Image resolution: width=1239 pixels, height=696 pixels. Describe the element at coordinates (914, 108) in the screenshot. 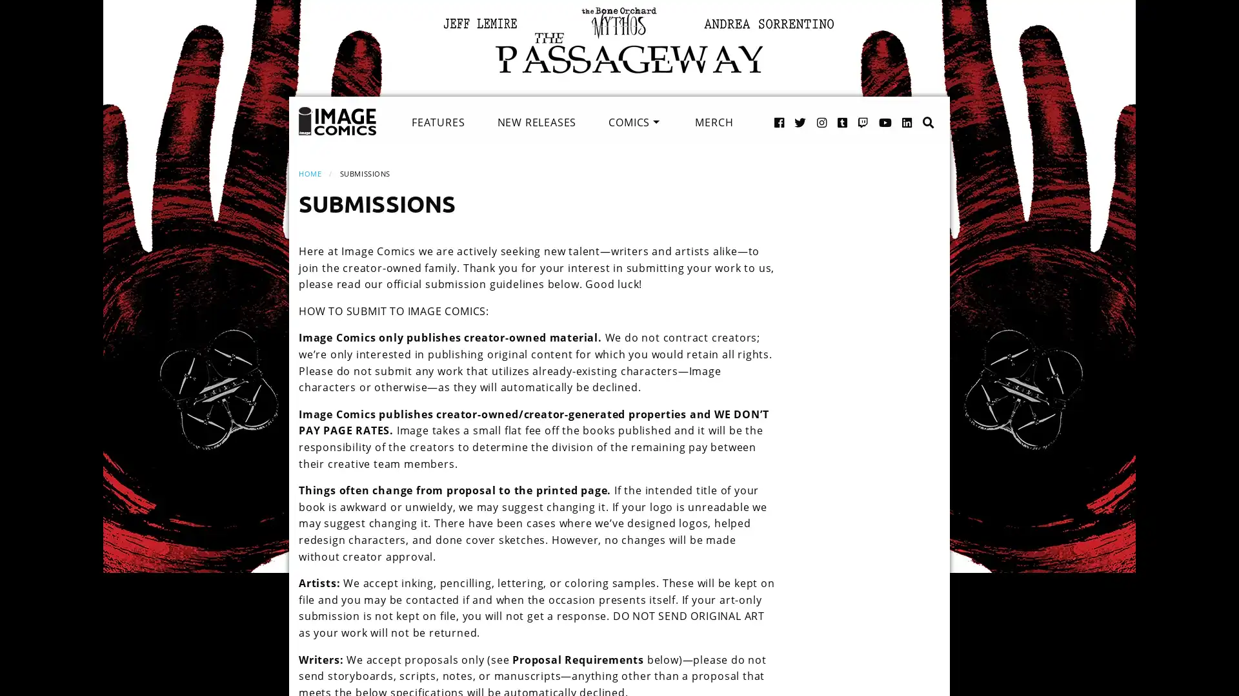

I see `Search` at that location.